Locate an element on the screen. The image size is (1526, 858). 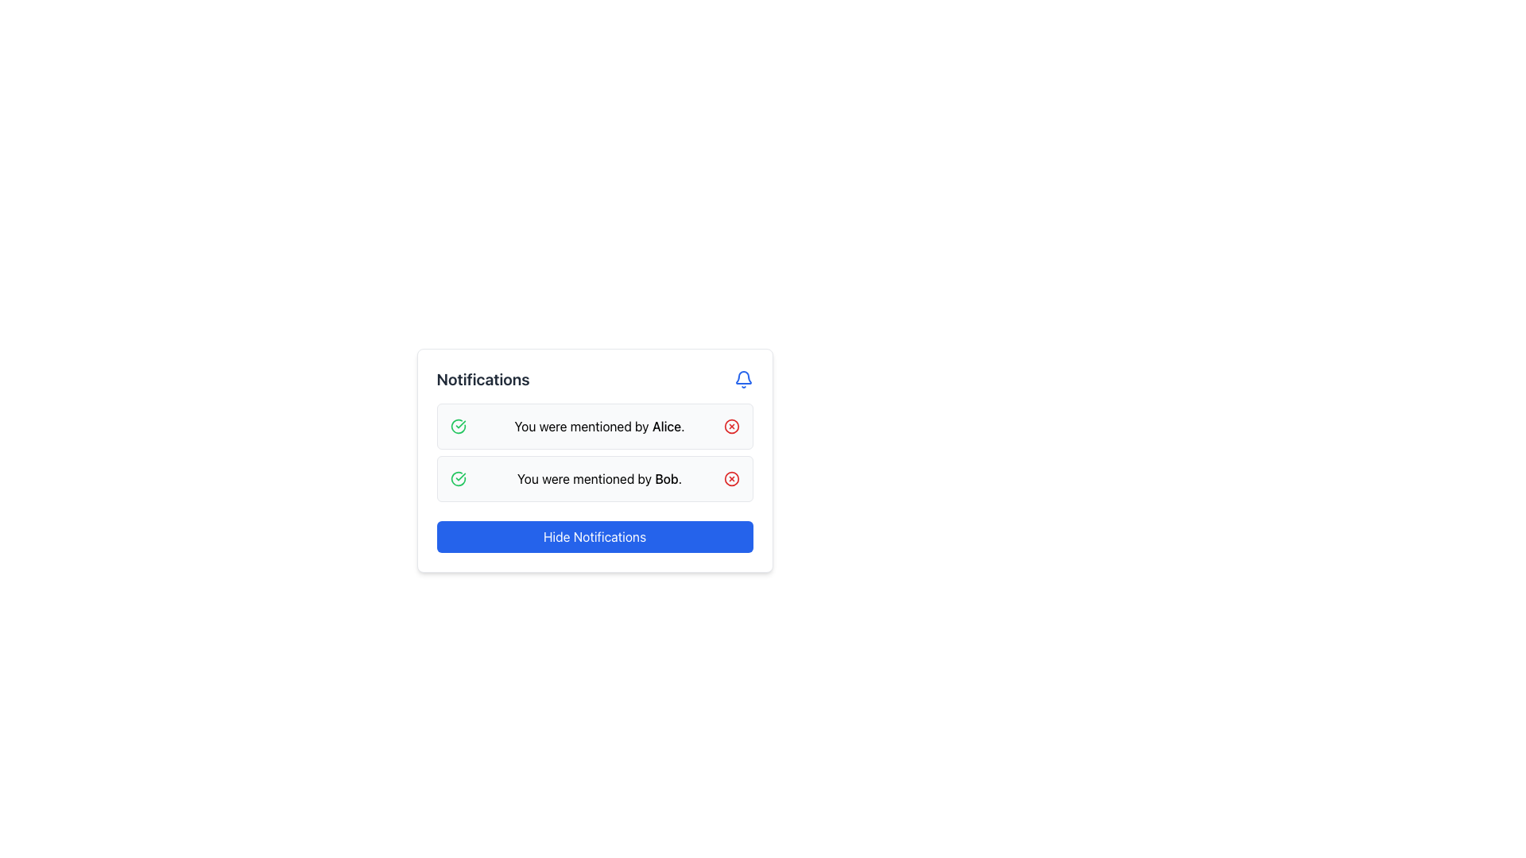
the completion status icon in the second notification card, which is positioned on the leftmost side adjacent to the text content is located at coordinates (457, 477).